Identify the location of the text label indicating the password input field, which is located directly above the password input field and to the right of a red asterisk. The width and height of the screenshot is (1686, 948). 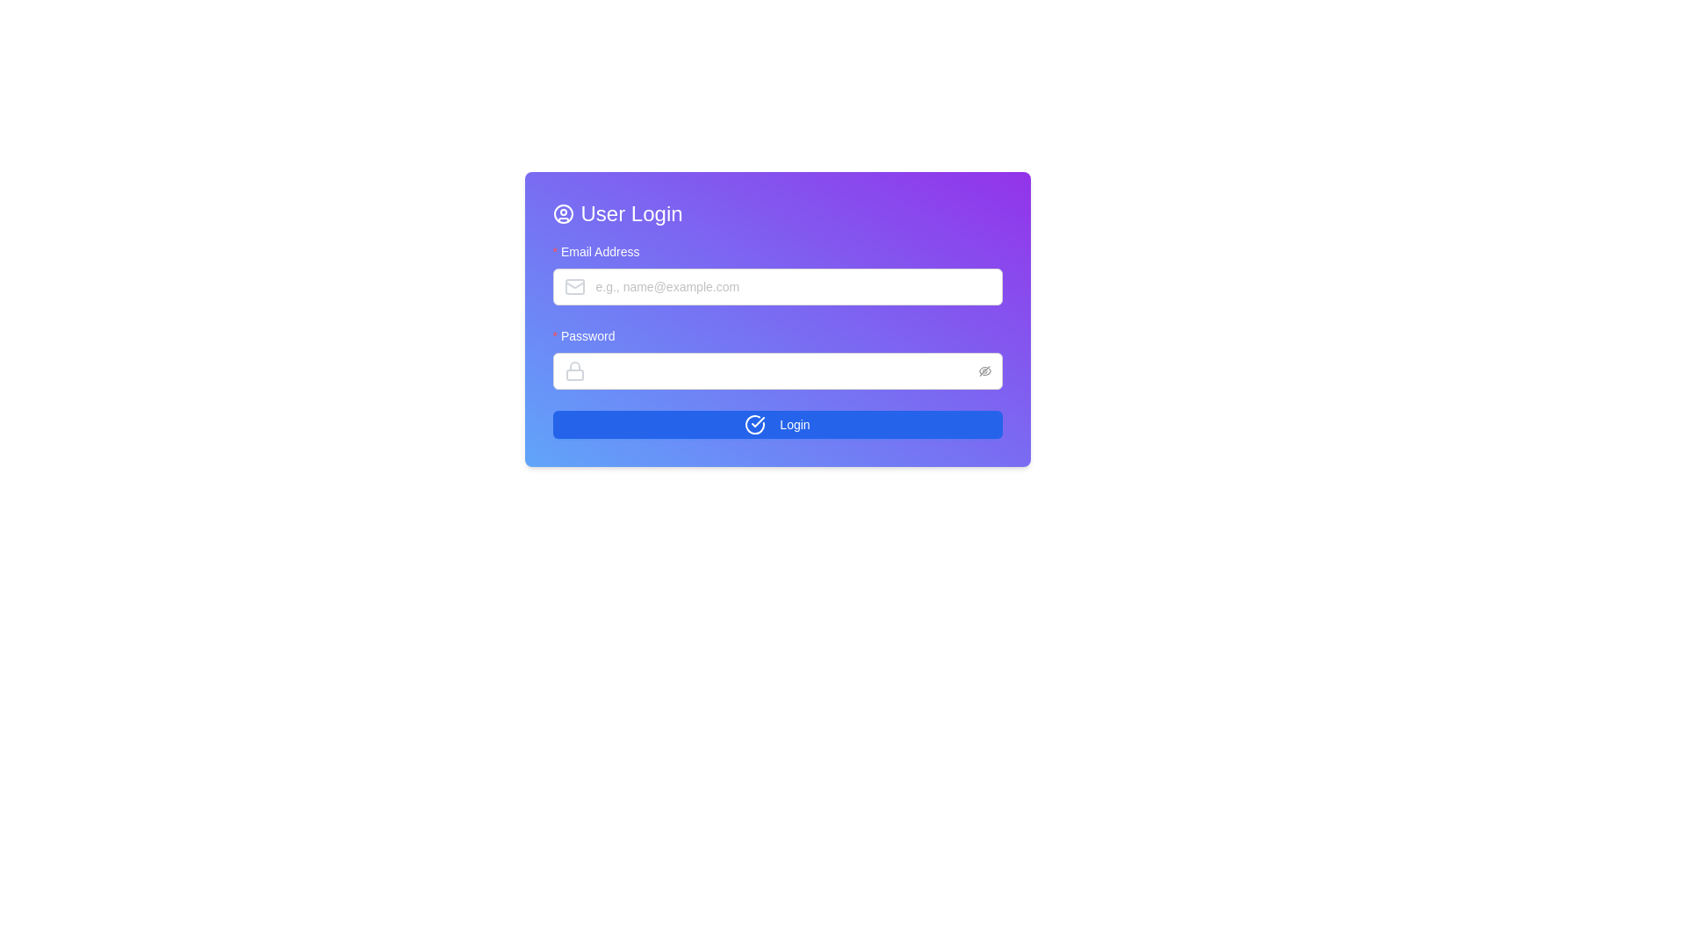
(587, 335).